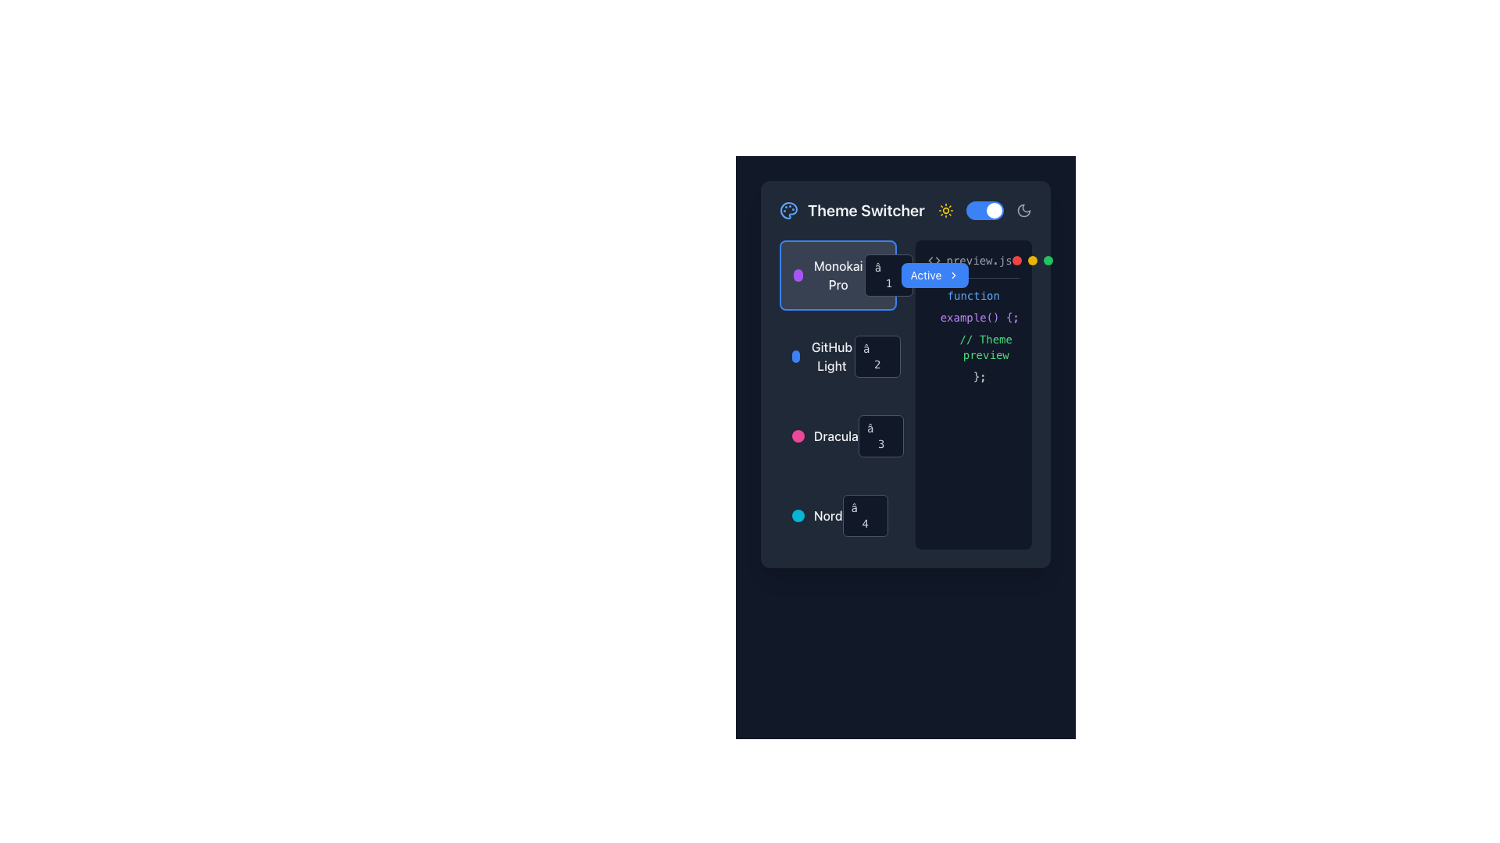 The image size is (1500, 843). What do you see at coordinates (881, 436) in the screenshot?
I see `the 'Dracula' theme selection button in the Theme Switcher section` at bounding box center [881, 436].